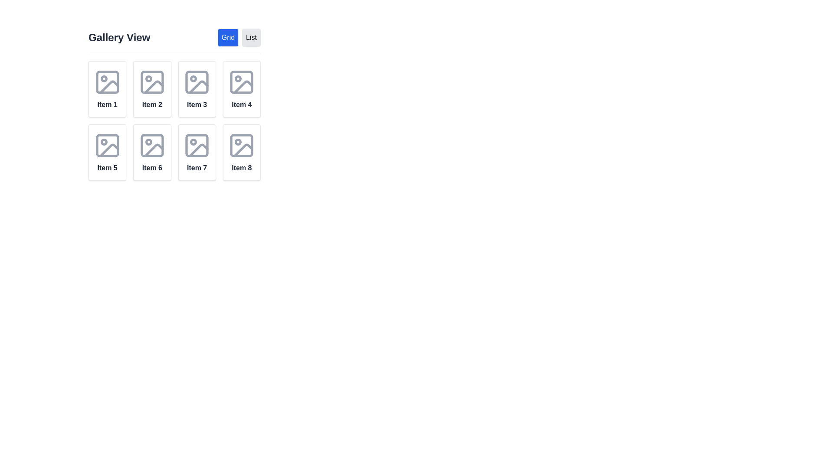 Image resolution: width=833 pixels, height=468 pixels. I want to click on the SVG icon that serves as a visual placeholder for an image in the 'Item 8' card, located in the second column of the second row of the grid layout, so click(242, 145).